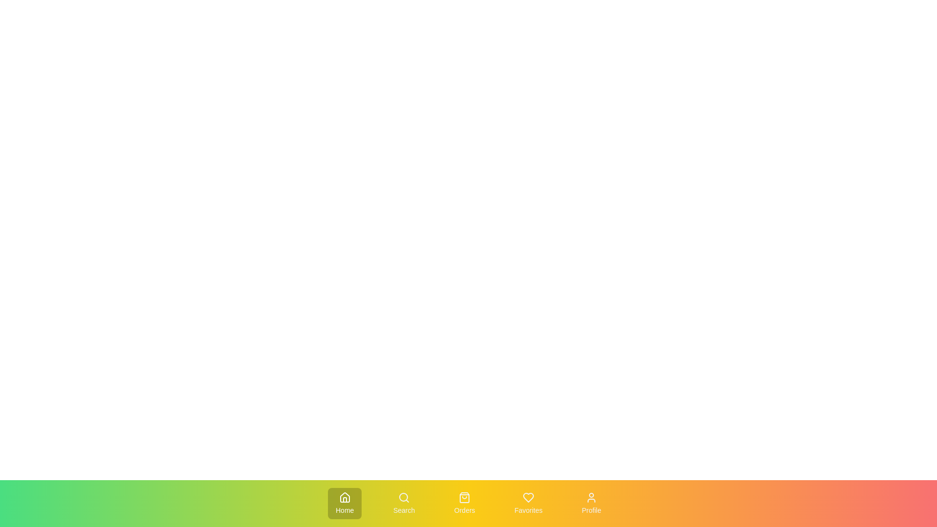 The image size is (937, 527). What do you see at coordinates (464, 504) in the screenshot?
I see `the Orders tab to activate it` at bounding box center [464, 504].